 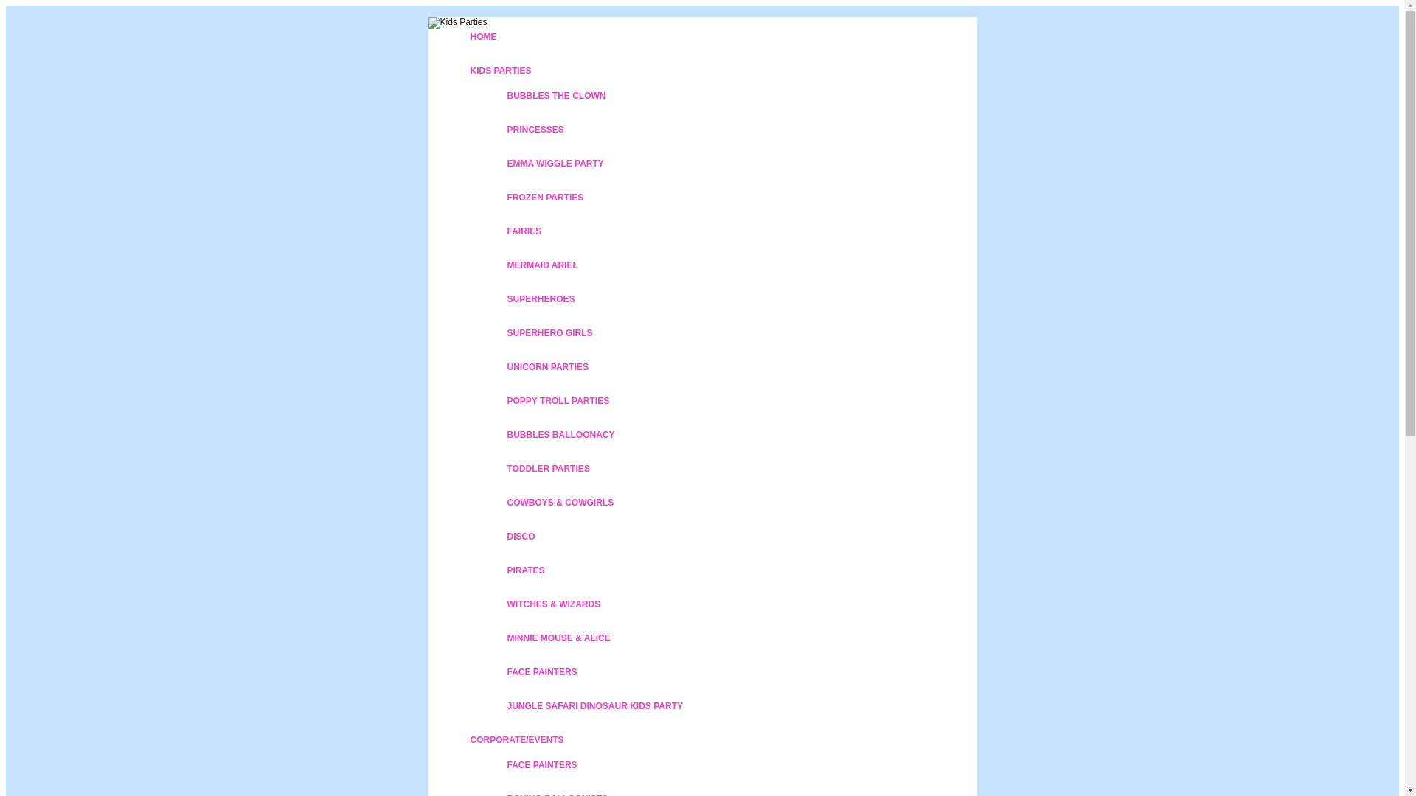 What do you see at coordinates (502, 671) in the screenshot?
I see `'FACE PAINTERS'` at bounding box center [502, 671].